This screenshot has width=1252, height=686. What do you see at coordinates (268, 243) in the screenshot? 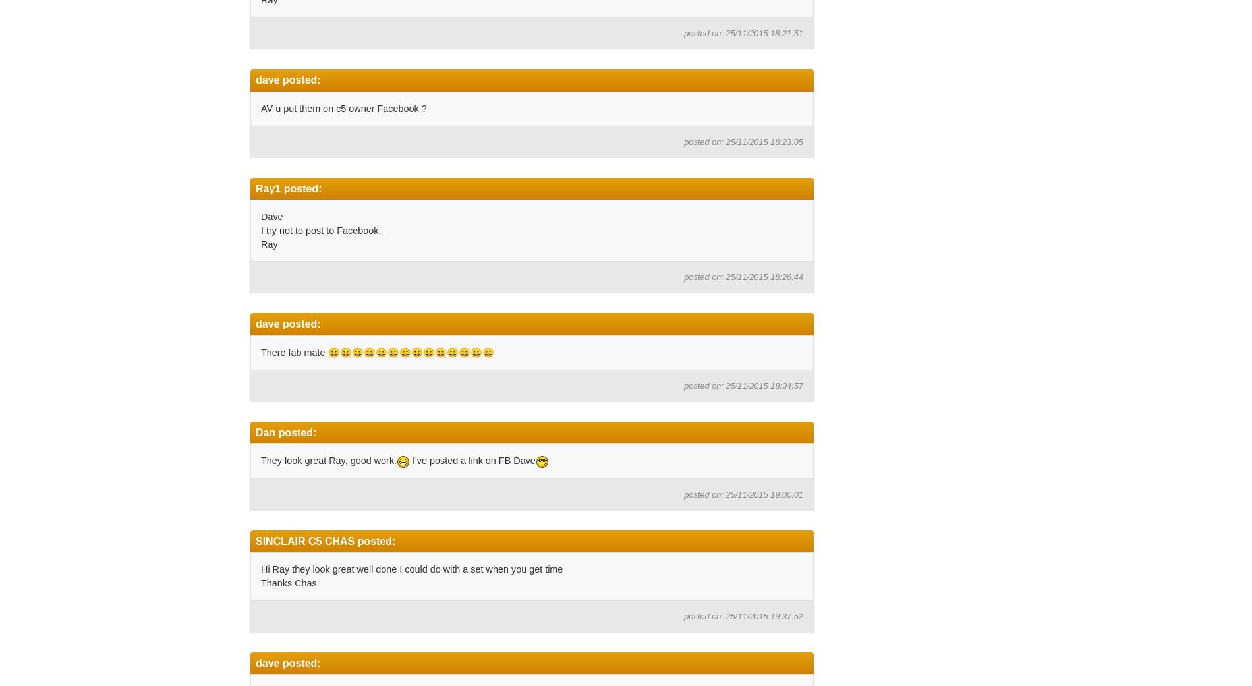
I see `'Ray'` at bounding box center [268, 243].